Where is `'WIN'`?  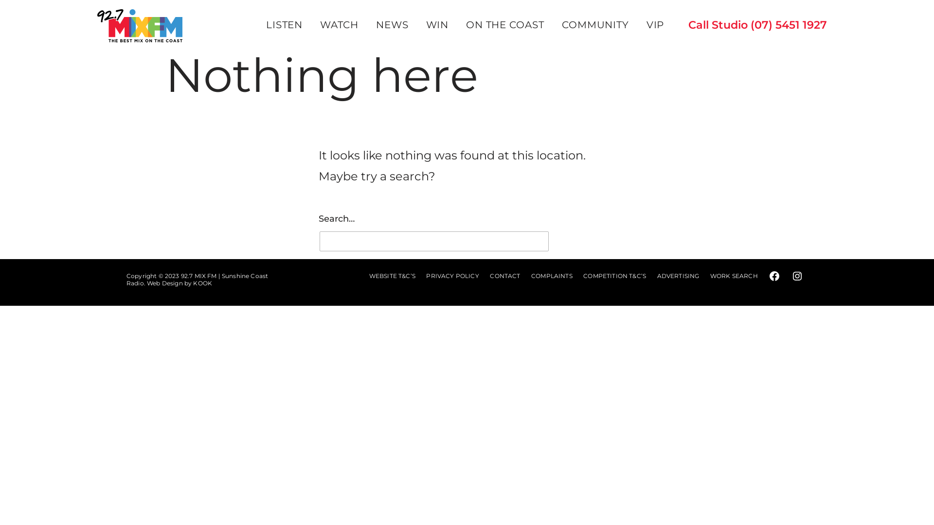
'WIN' is located at coordinates (436, 24).